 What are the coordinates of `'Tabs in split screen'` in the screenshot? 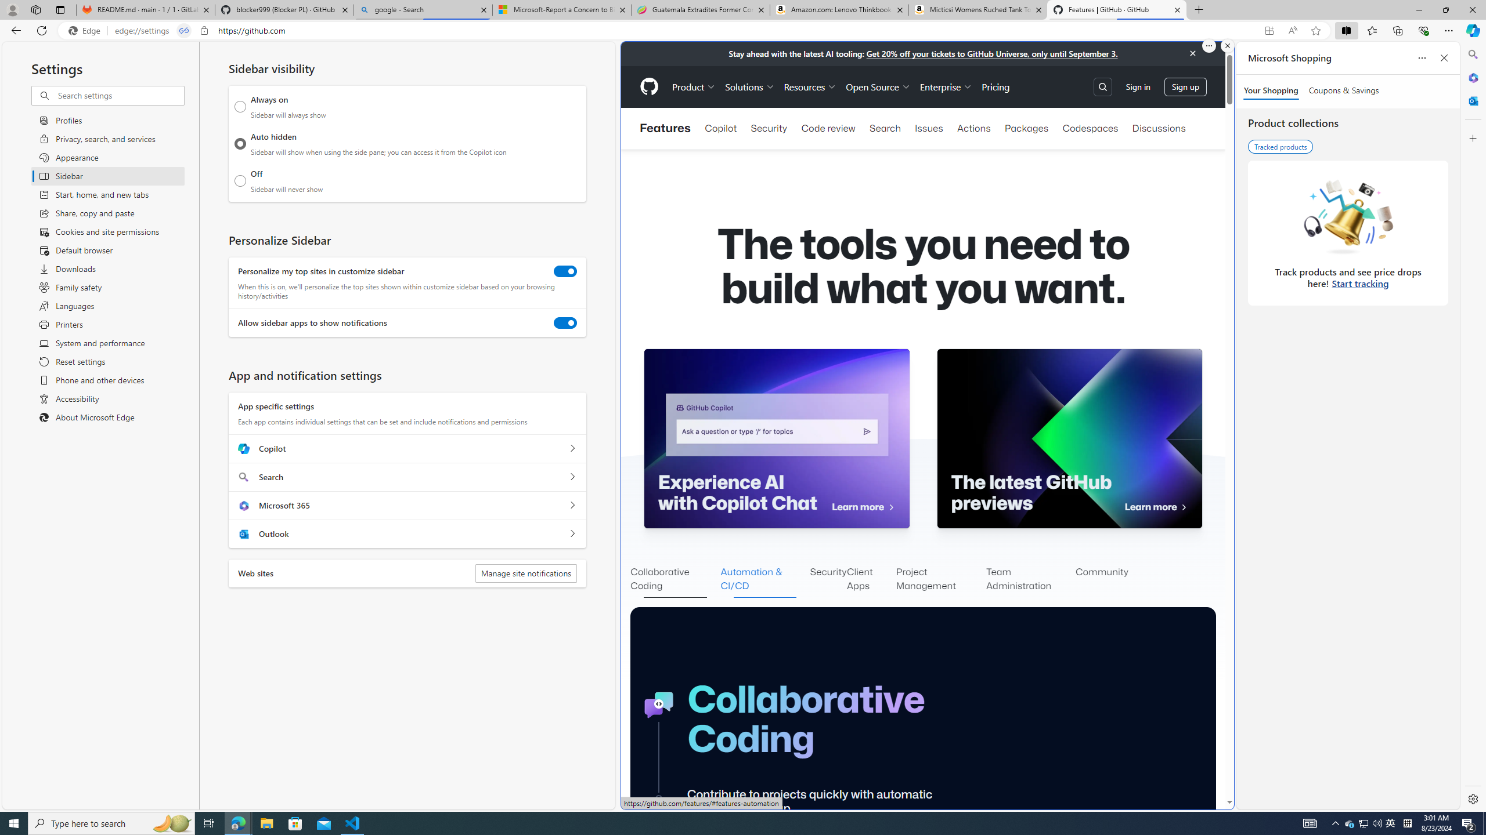 It's located at (184, 31).